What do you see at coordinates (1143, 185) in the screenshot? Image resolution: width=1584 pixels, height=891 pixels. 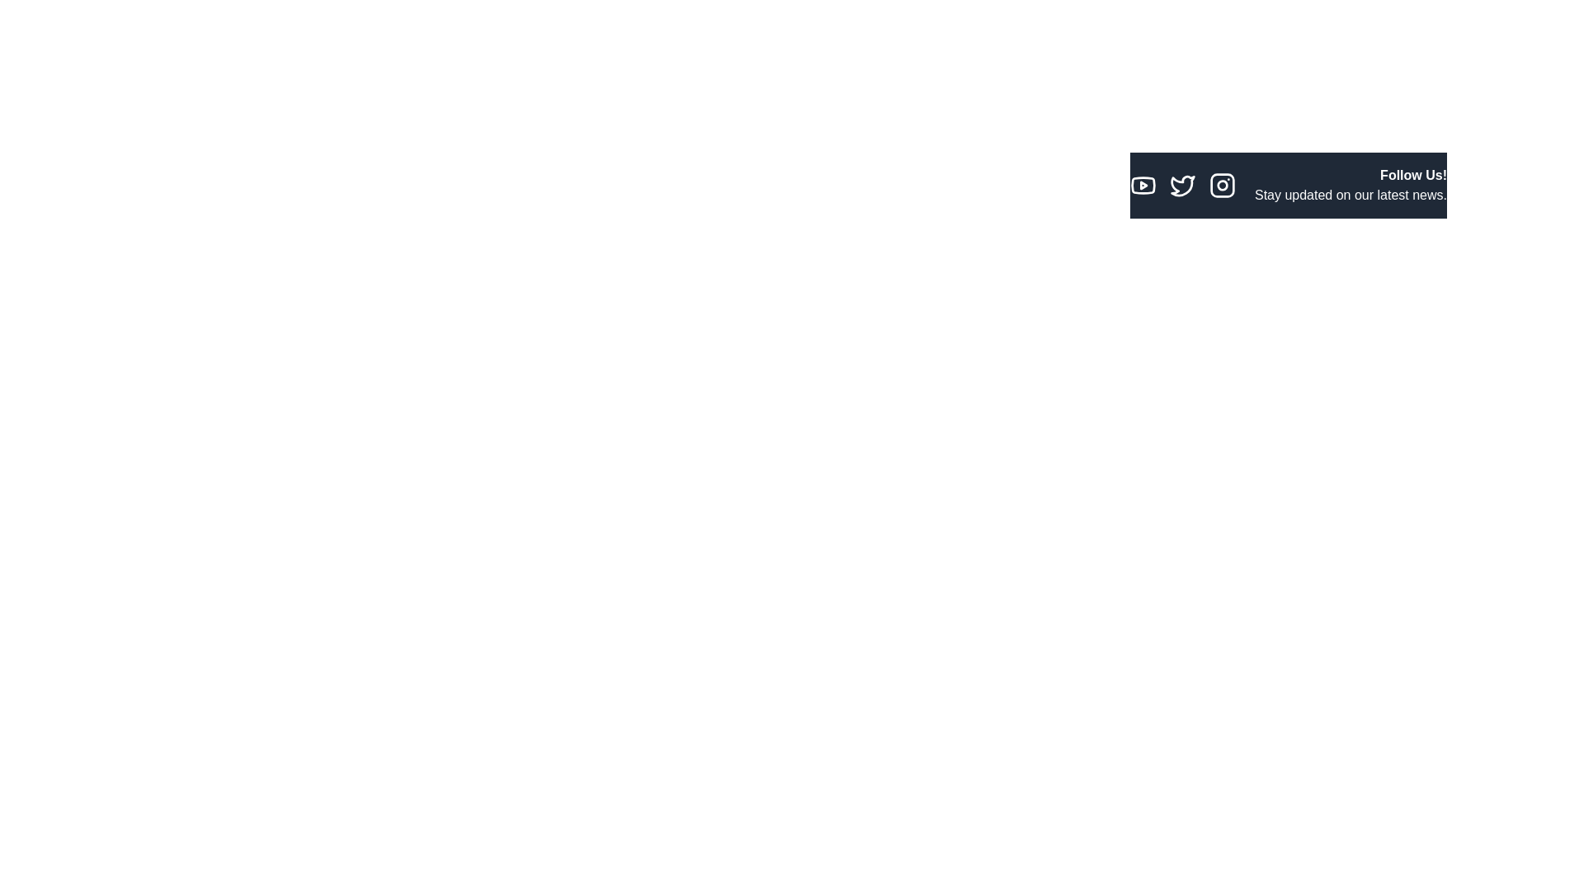 I see `the YouTube icon, which is the first in a horizontal row of social media icons` at bounding box center [1143, 185].